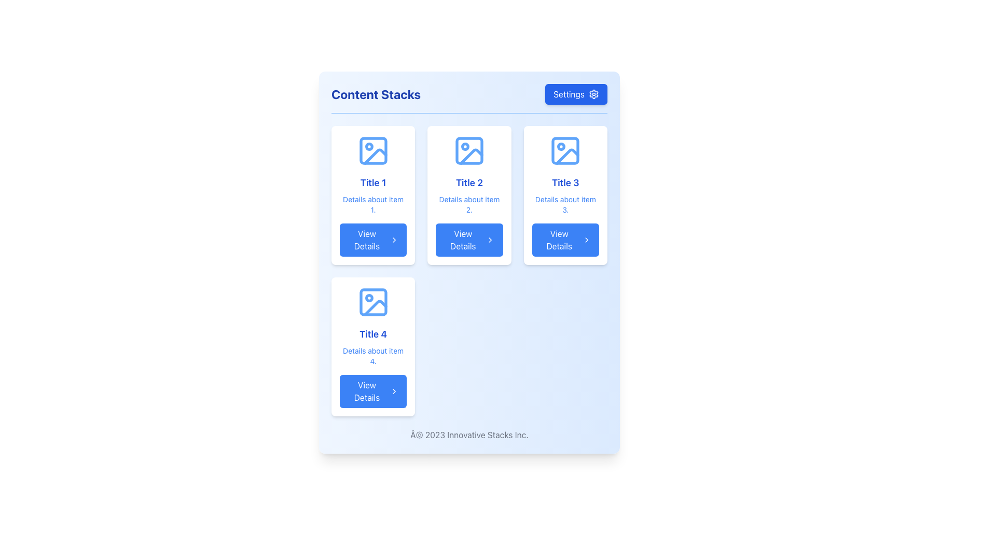 The height and width of the screenshot is (560, 996). I want to click on the button located below the text 'Details about item 2.' in the second card of a grid of four cards, so click(468, 240).